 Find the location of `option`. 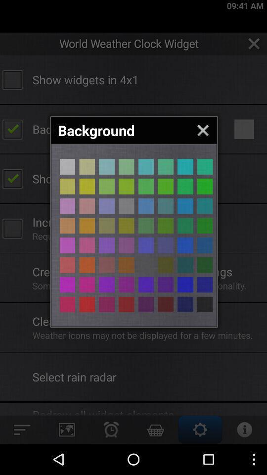

option is located at coordinates (87, 186).